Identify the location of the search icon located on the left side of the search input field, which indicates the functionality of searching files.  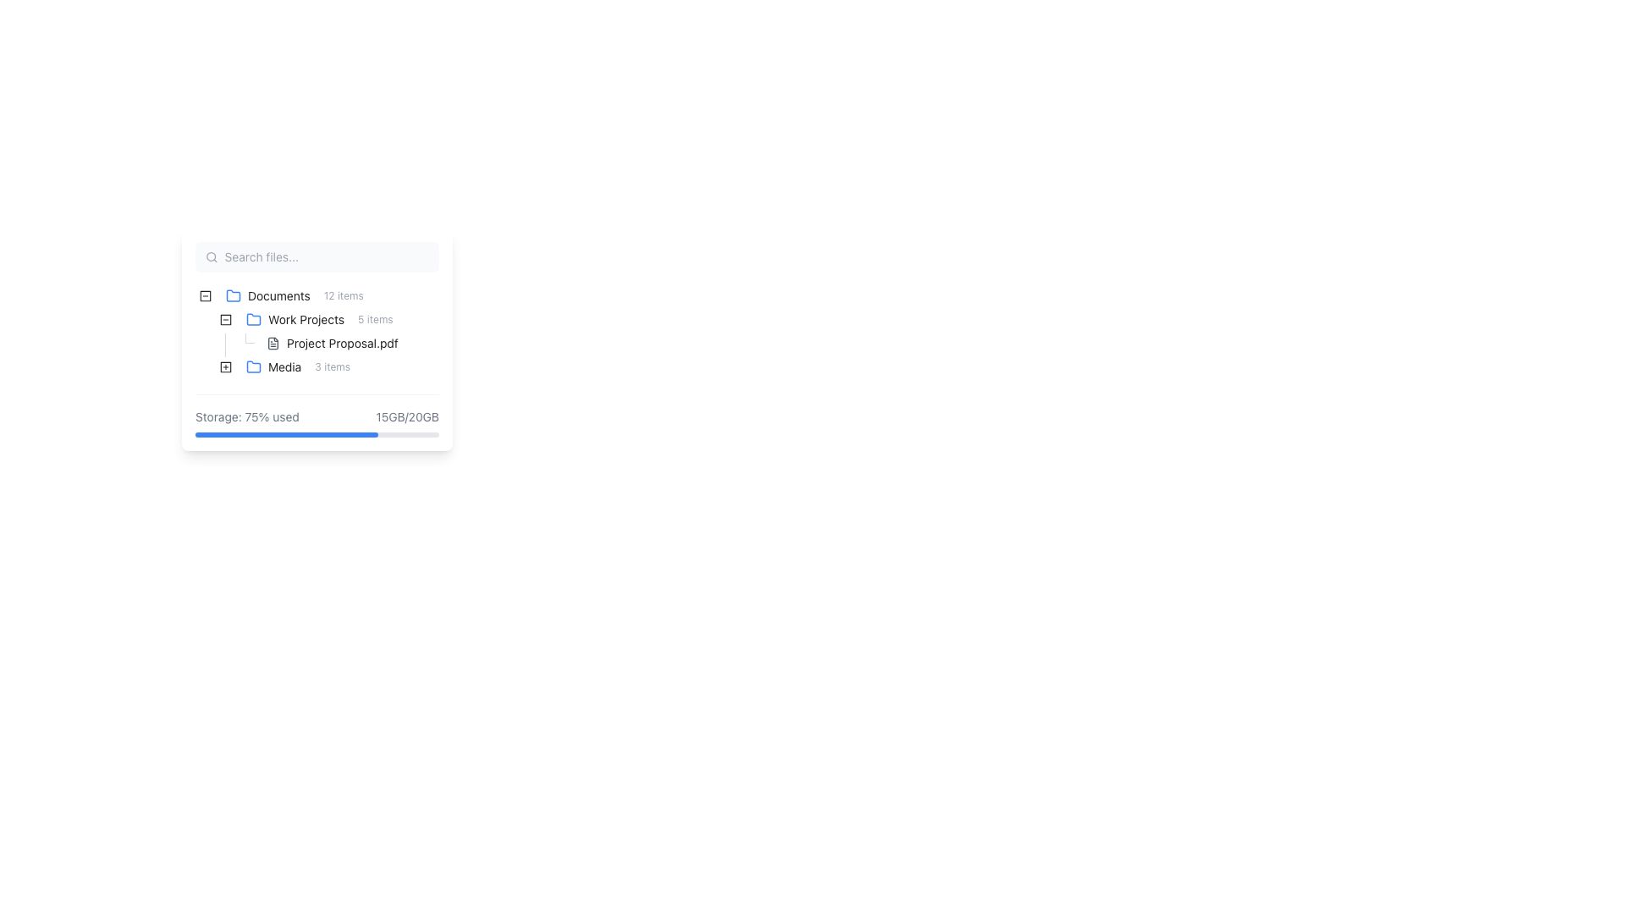
(211, 257).